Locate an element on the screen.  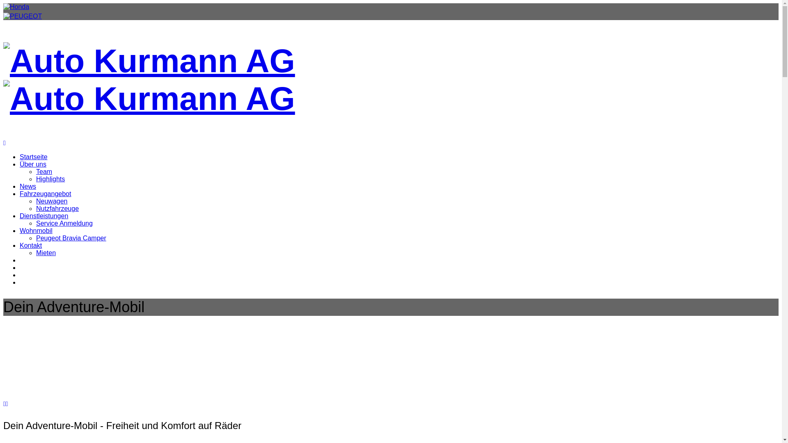
'Mieten' is located at coordinates (45, 252).